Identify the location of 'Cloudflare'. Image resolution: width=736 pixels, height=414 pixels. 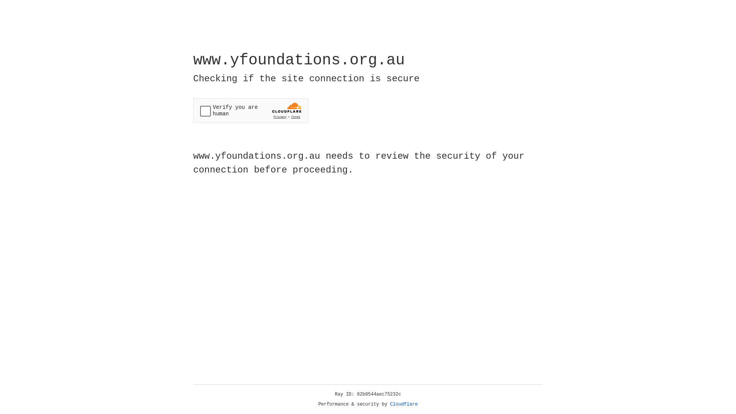
(404, 404).